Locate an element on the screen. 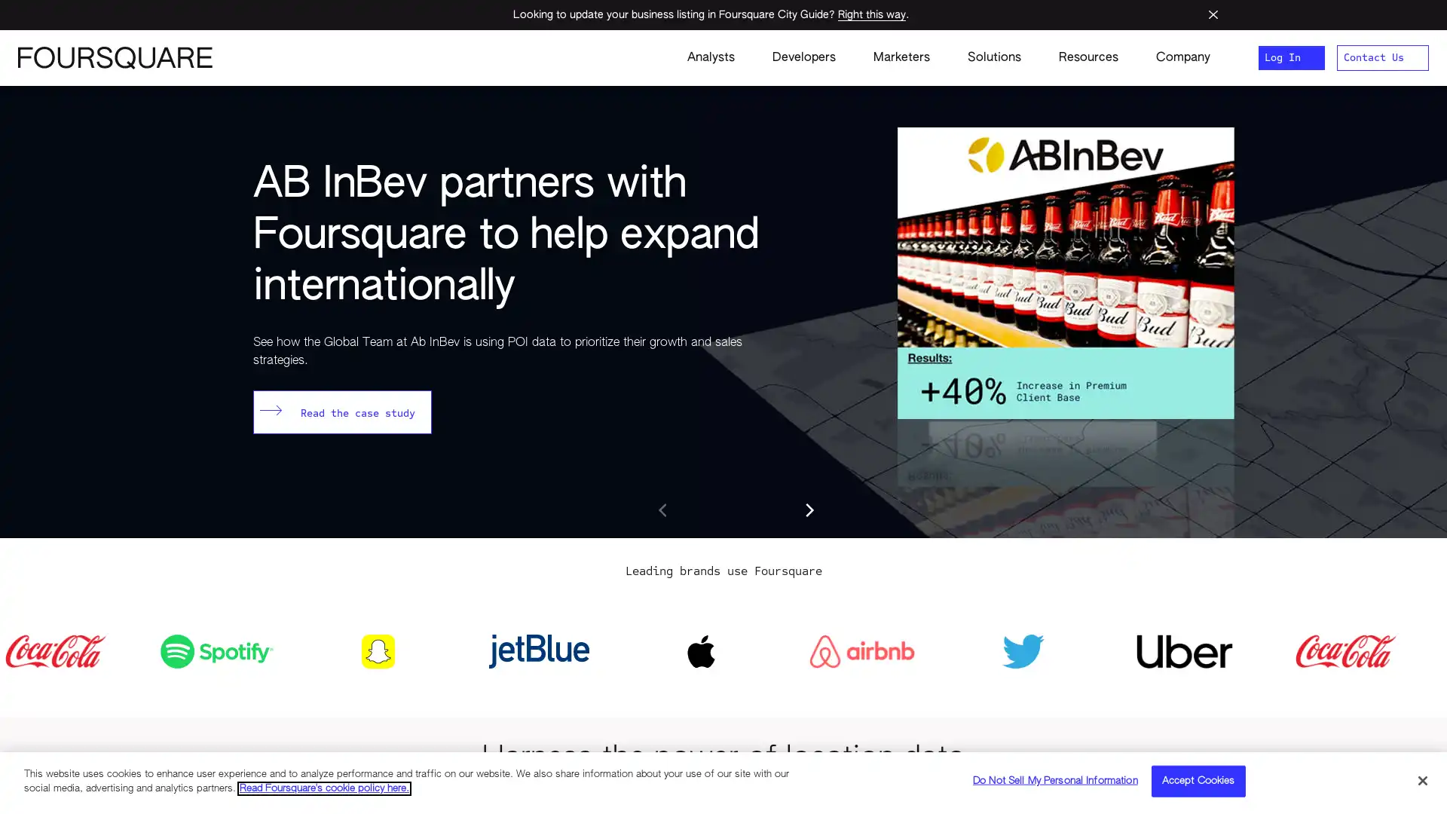  Do Not Sell My Personal Information is located at coordinates (1054, 780).